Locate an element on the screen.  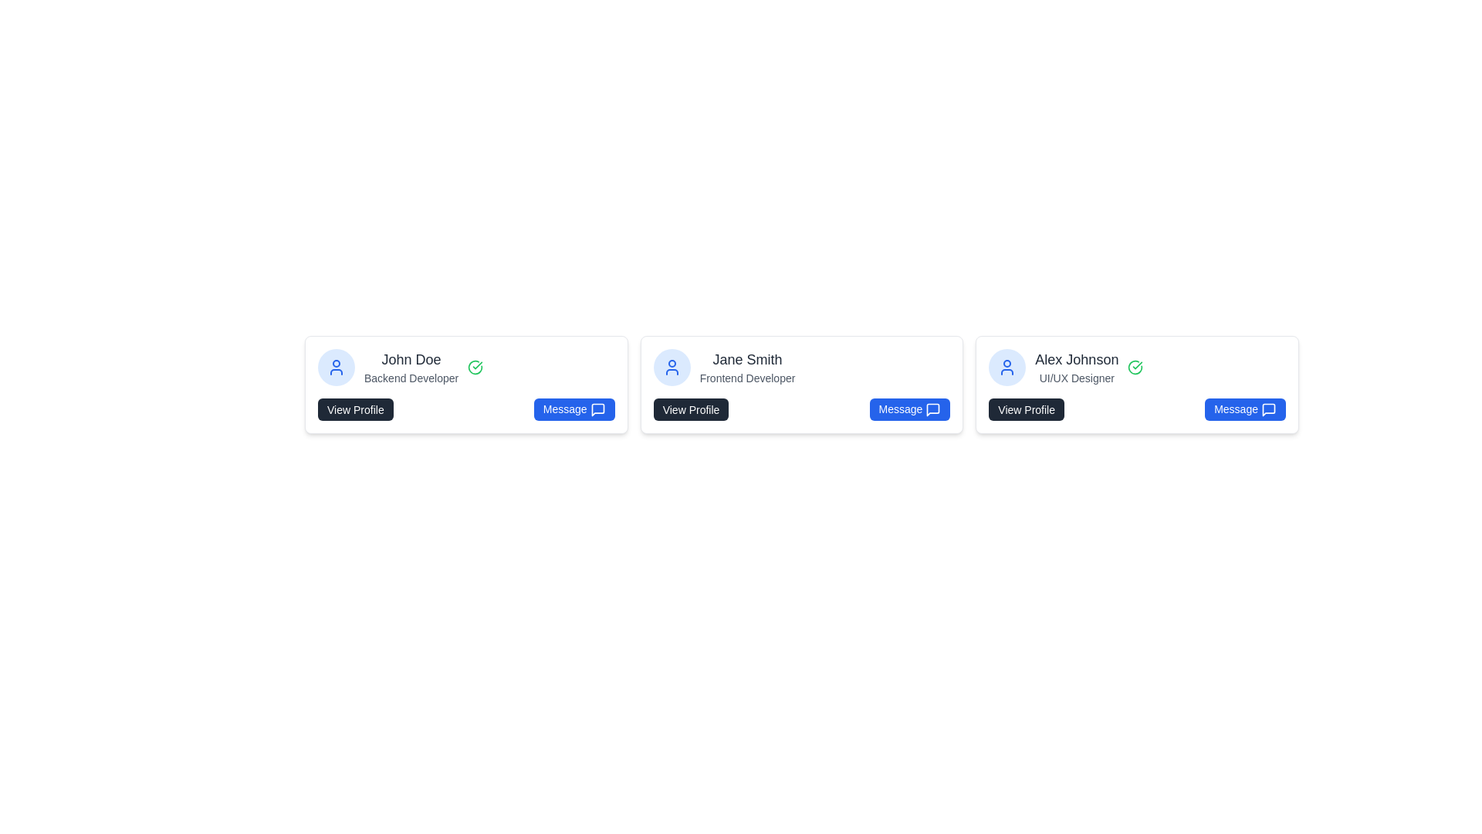
the circular validation badge with a green checkmark located on the right side of the Profile summary section in the third card from the left is located at coordinates (1137, 367).